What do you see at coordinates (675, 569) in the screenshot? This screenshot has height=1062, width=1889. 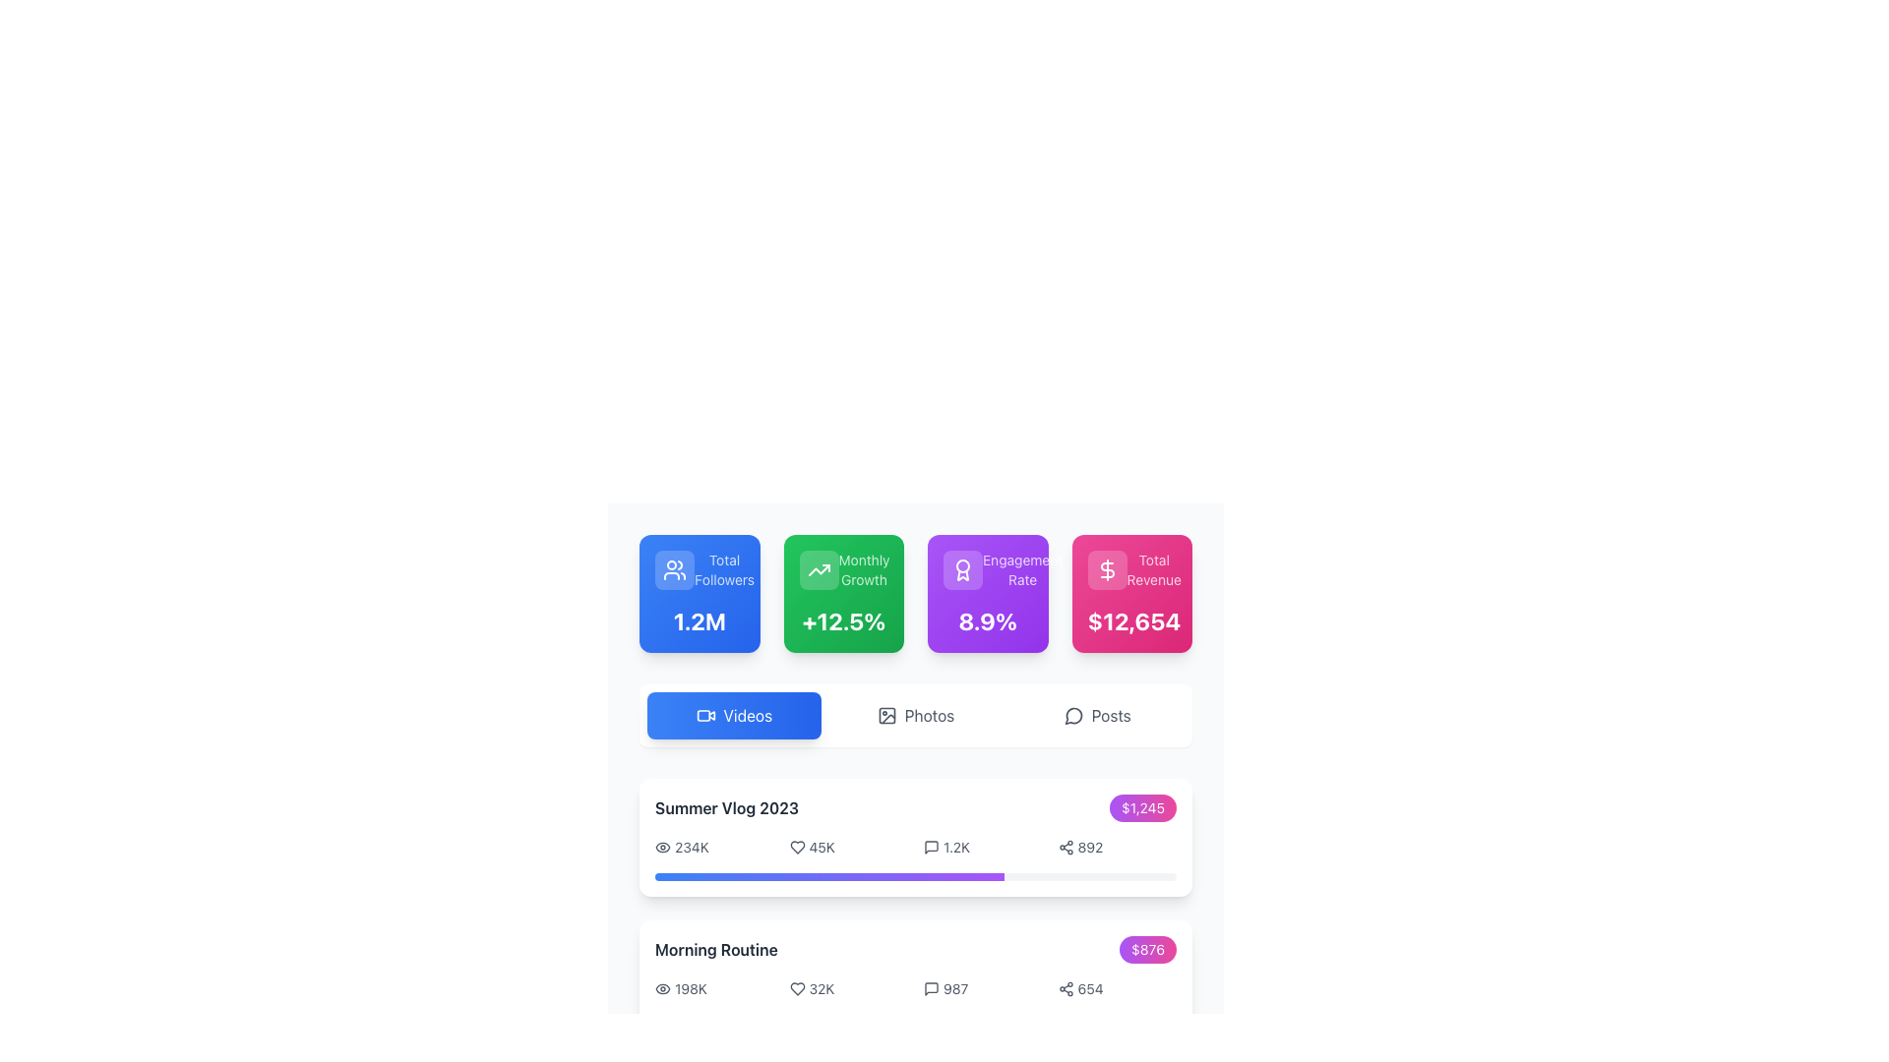 I see `the 'Total Followers' icon located in the upper-left tile of the interface` at bounding box center [675, 569].